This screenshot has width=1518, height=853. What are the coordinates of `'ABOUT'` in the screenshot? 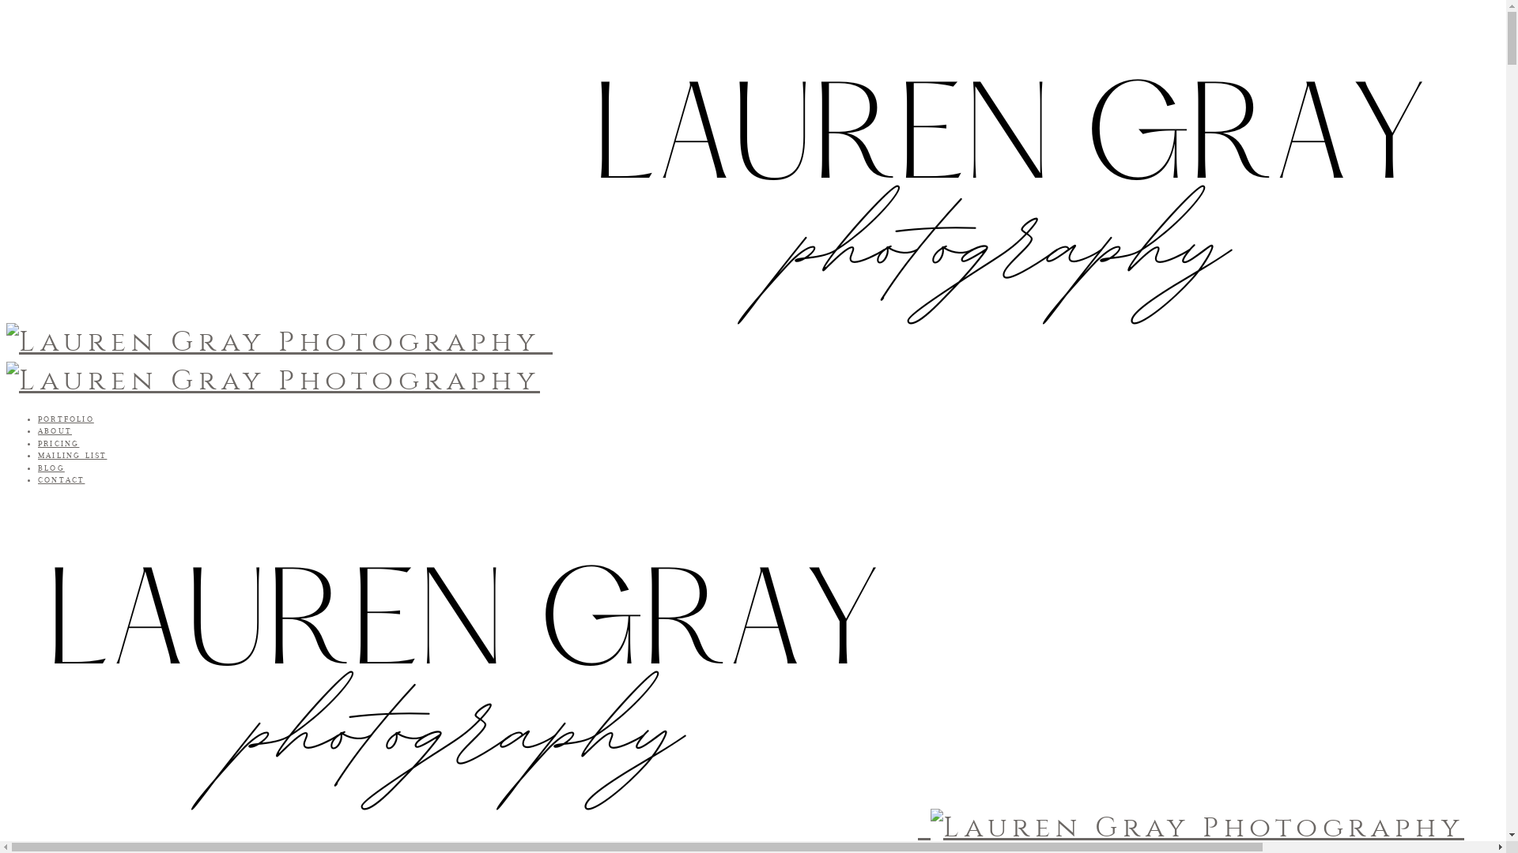 It's located at (38, 430).